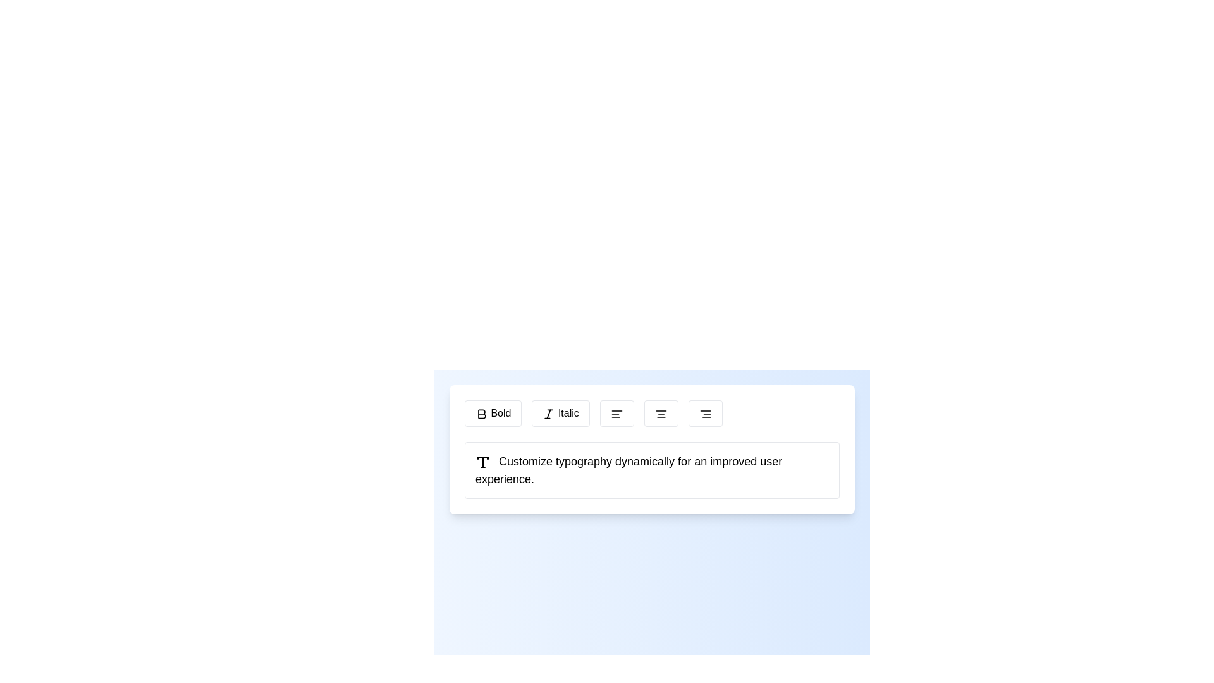 This screenshot has height=683, width=1214. Describe the element at coordinates (616, 414) in the screenshot. I see `the third button in the toolbar section, which has a white background and an icon of three horizontal lines` at that location.